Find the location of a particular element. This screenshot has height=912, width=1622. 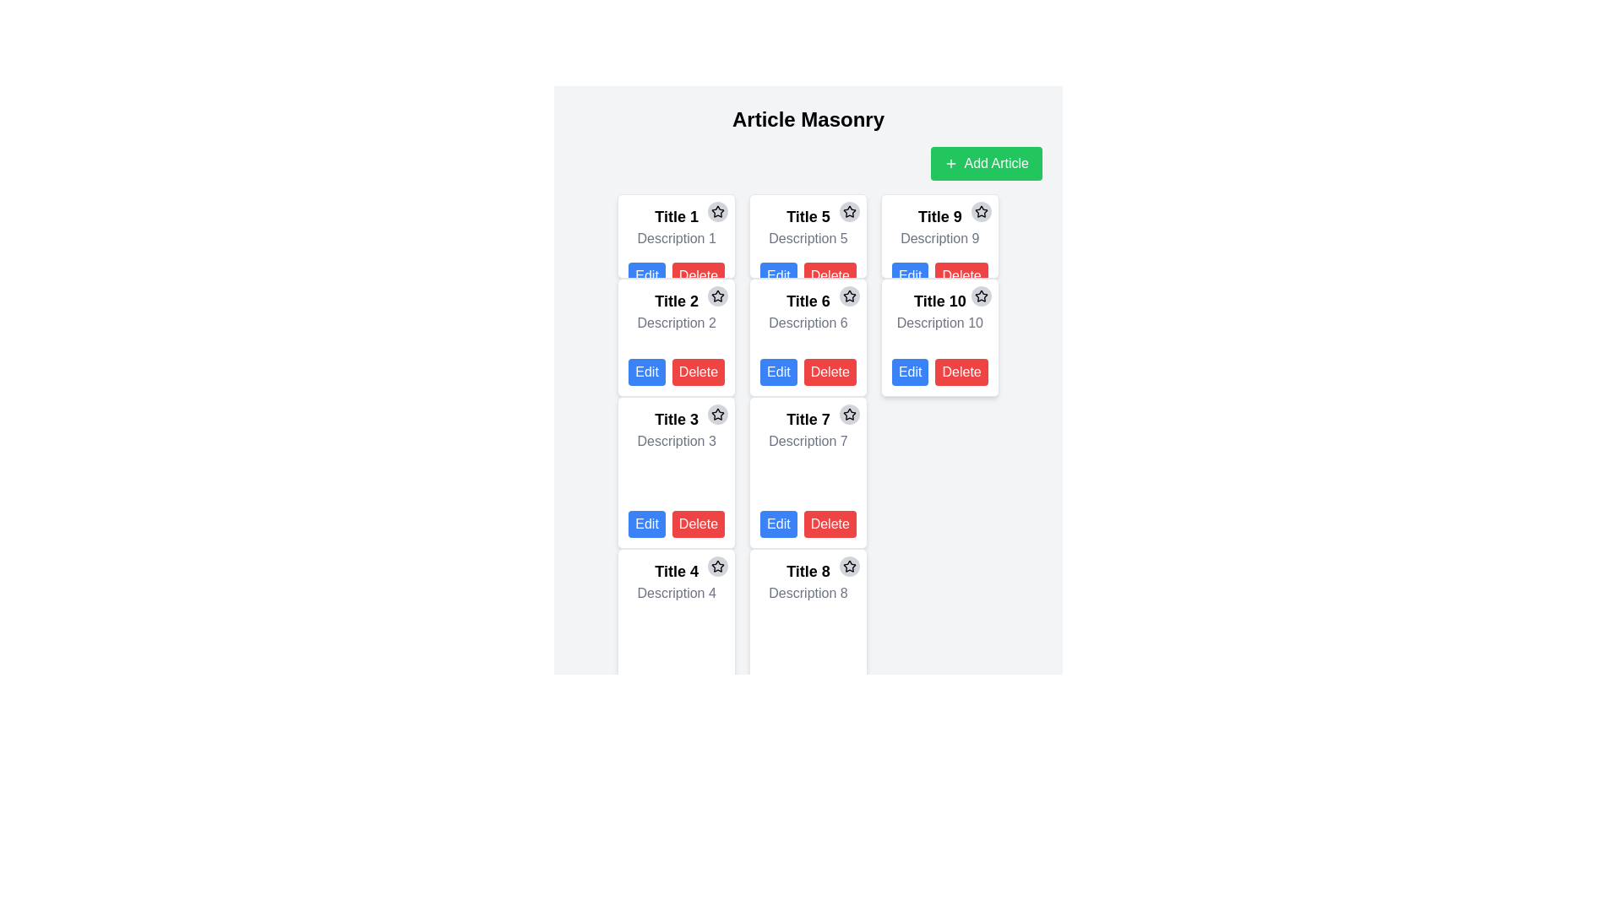

the star-shaped icon element with a hollow center located at the center of the icon adjacent to 'Title 3' is located at coordinates (718, 414).